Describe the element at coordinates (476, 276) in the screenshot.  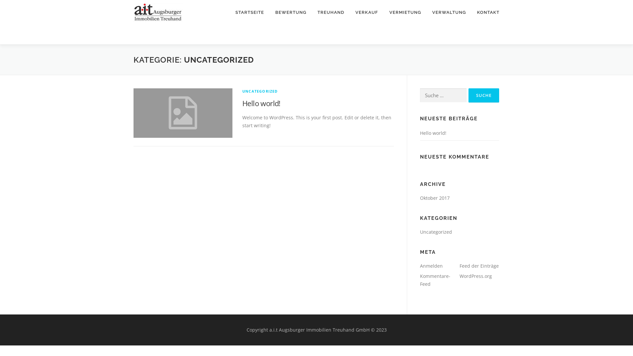
I see `'WordPress.org'` at that location.